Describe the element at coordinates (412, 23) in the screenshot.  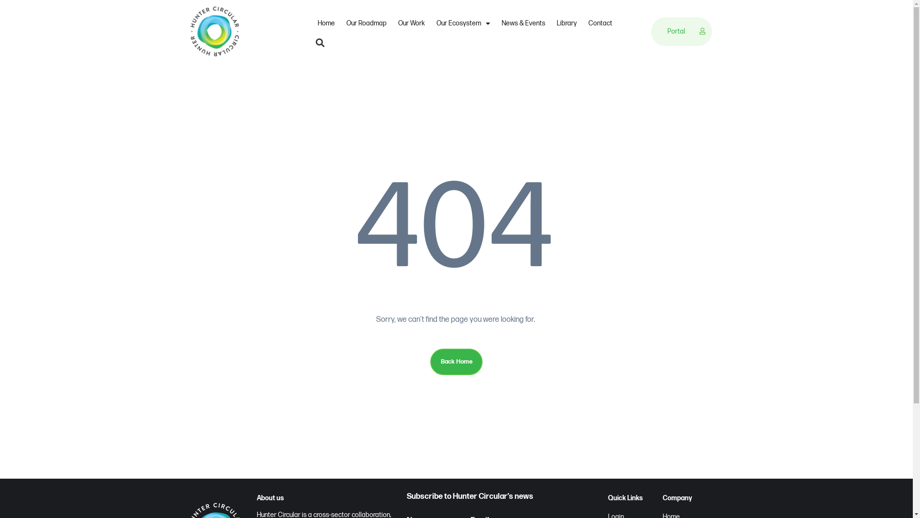
I see `'Our Work'` at that location.